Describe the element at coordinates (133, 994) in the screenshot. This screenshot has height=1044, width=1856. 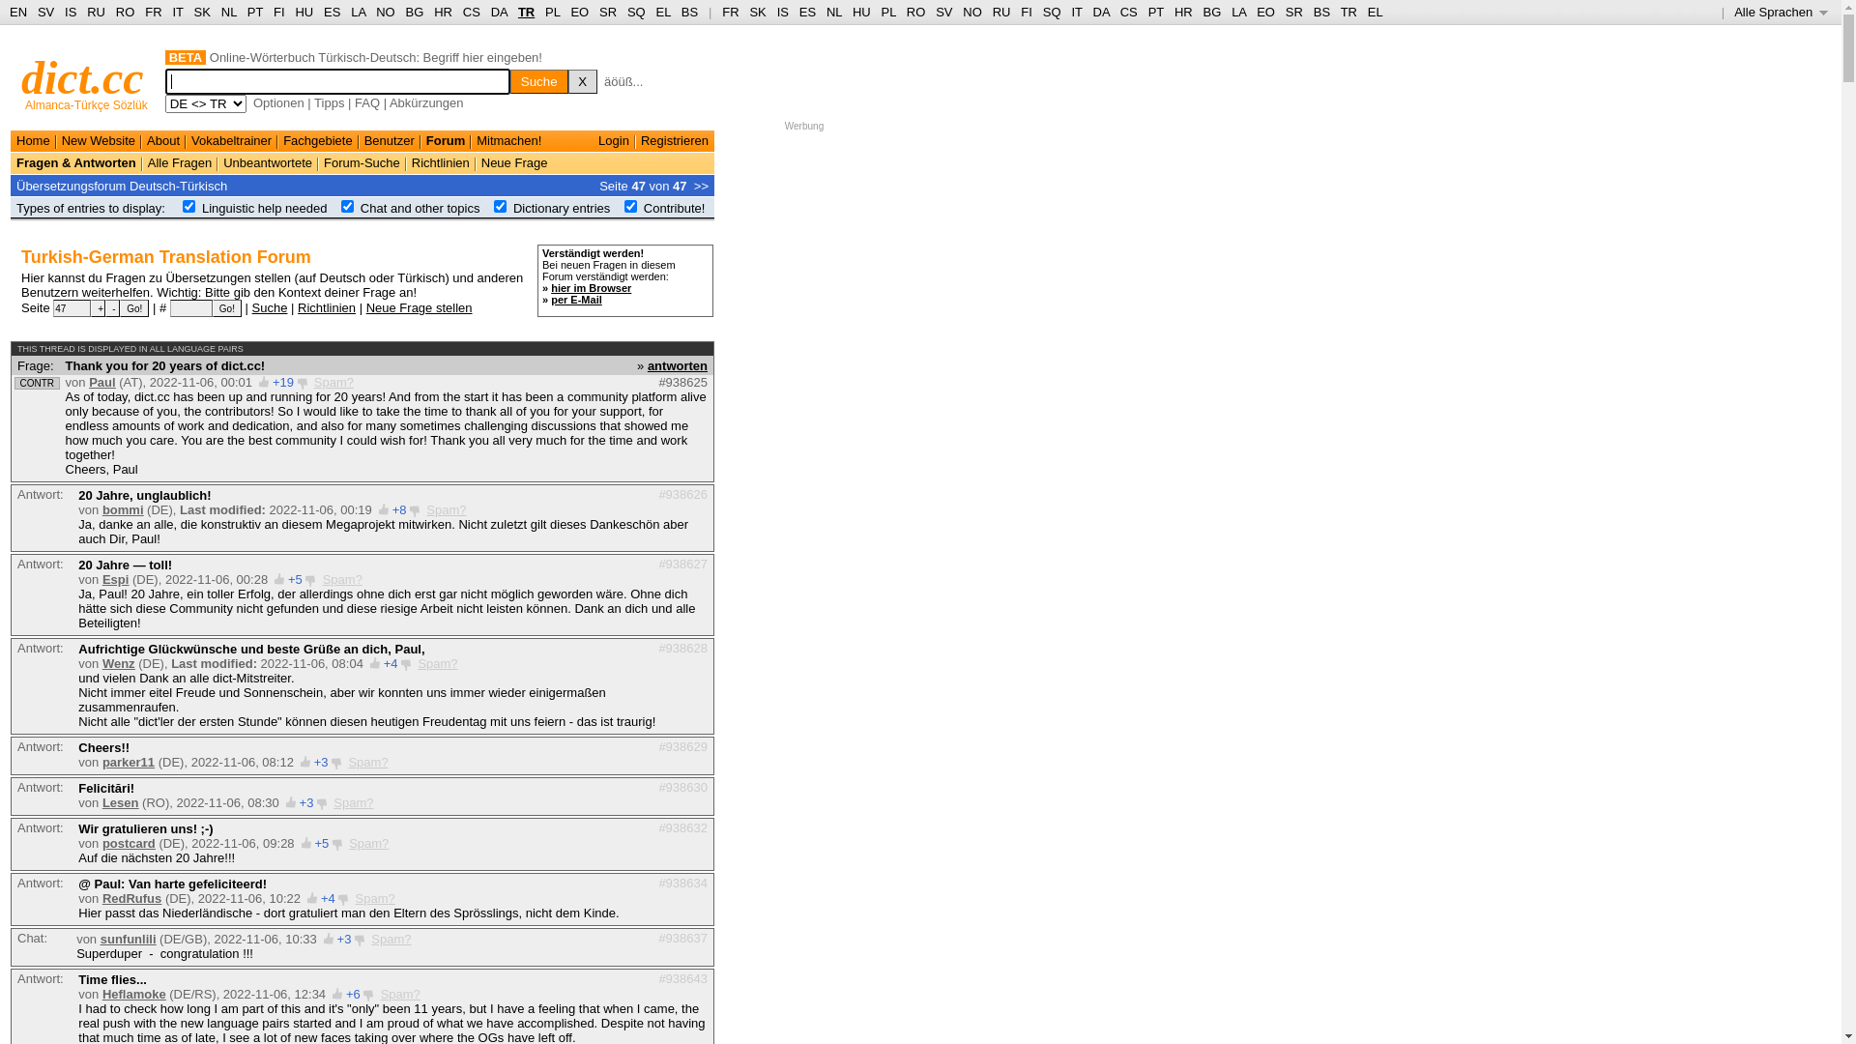
I see `'Heflamoke'` at that location.